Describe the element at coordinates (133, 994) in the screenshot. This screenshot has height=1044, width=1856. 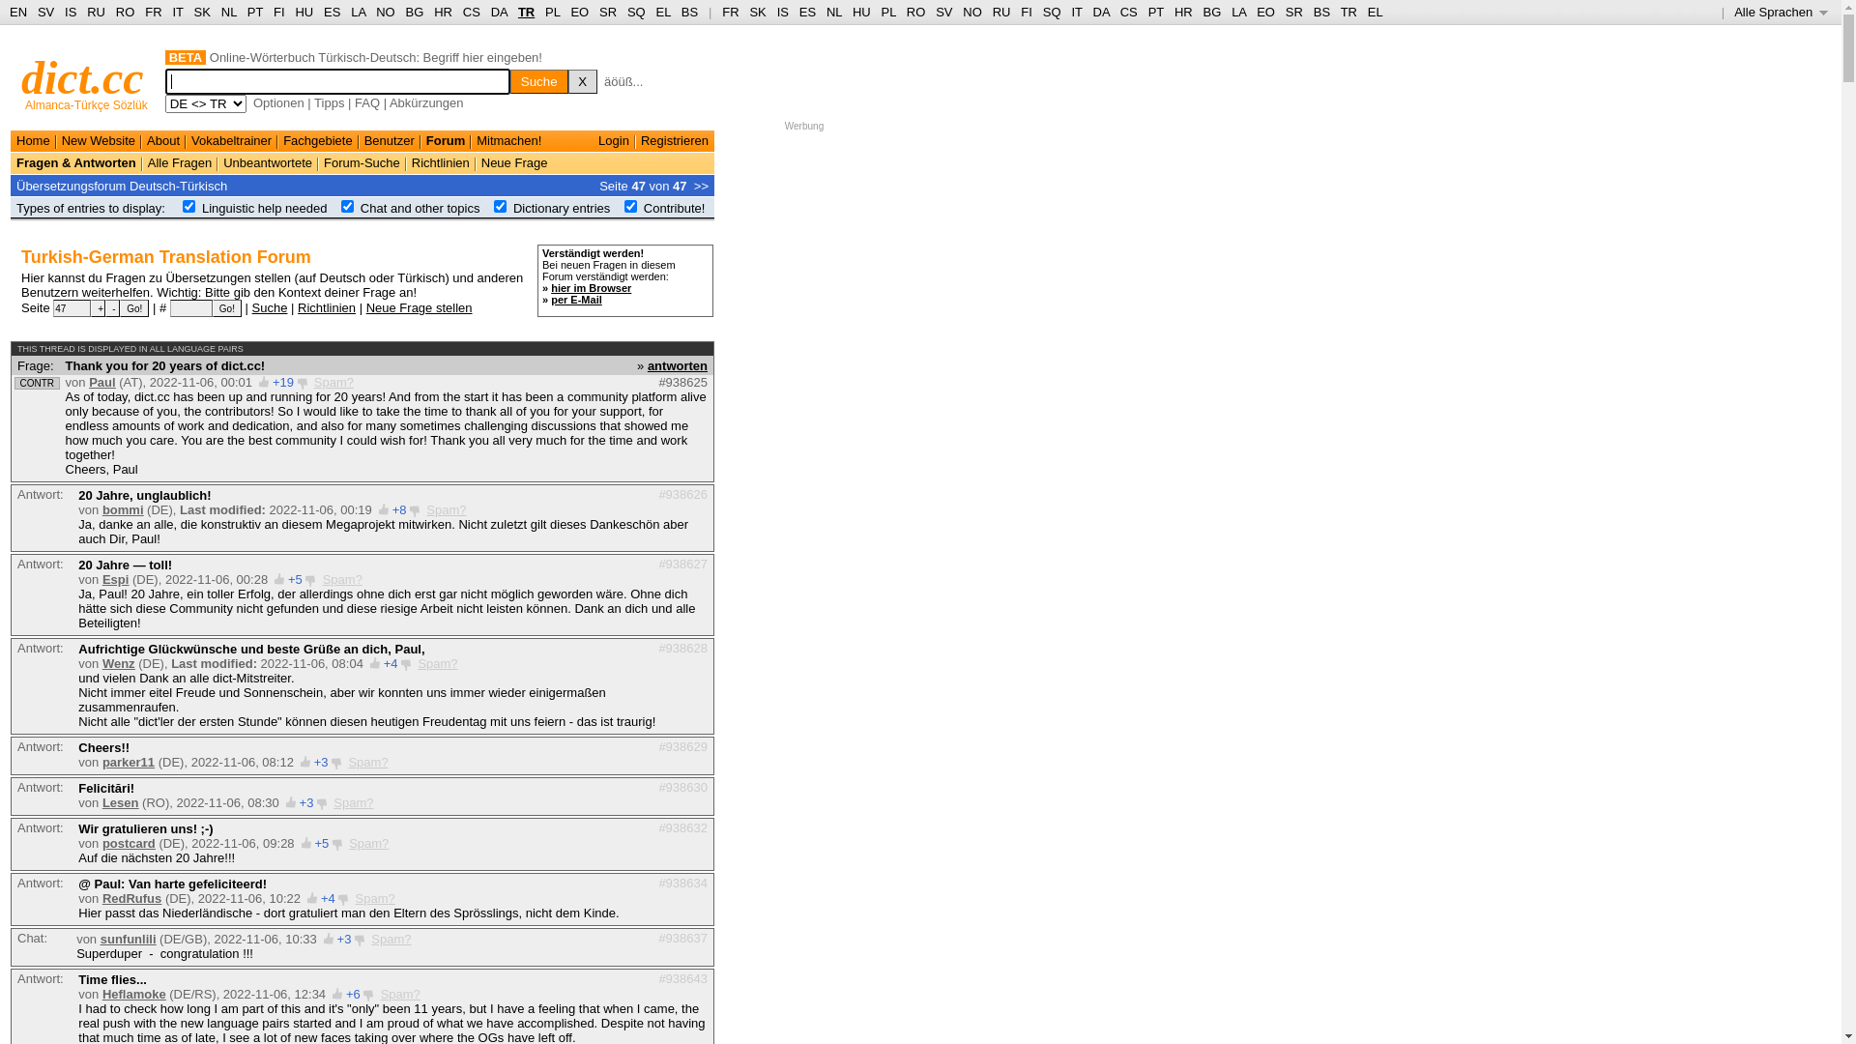
I see `'Heflamoke'` at that location.